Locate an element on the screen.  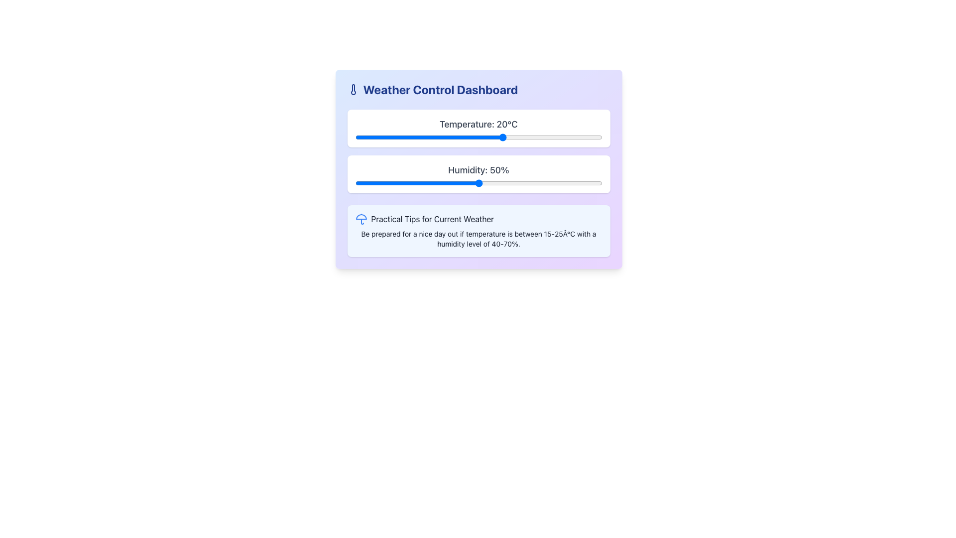
the humidity level is located at coordinates (402, 183).